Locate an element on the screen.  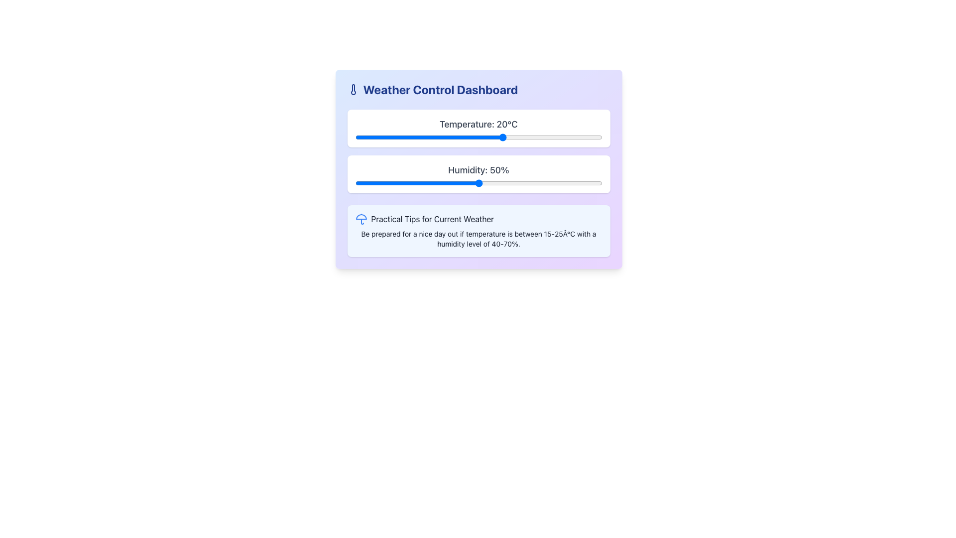
the humidity level is located at coordinates (402, 183).